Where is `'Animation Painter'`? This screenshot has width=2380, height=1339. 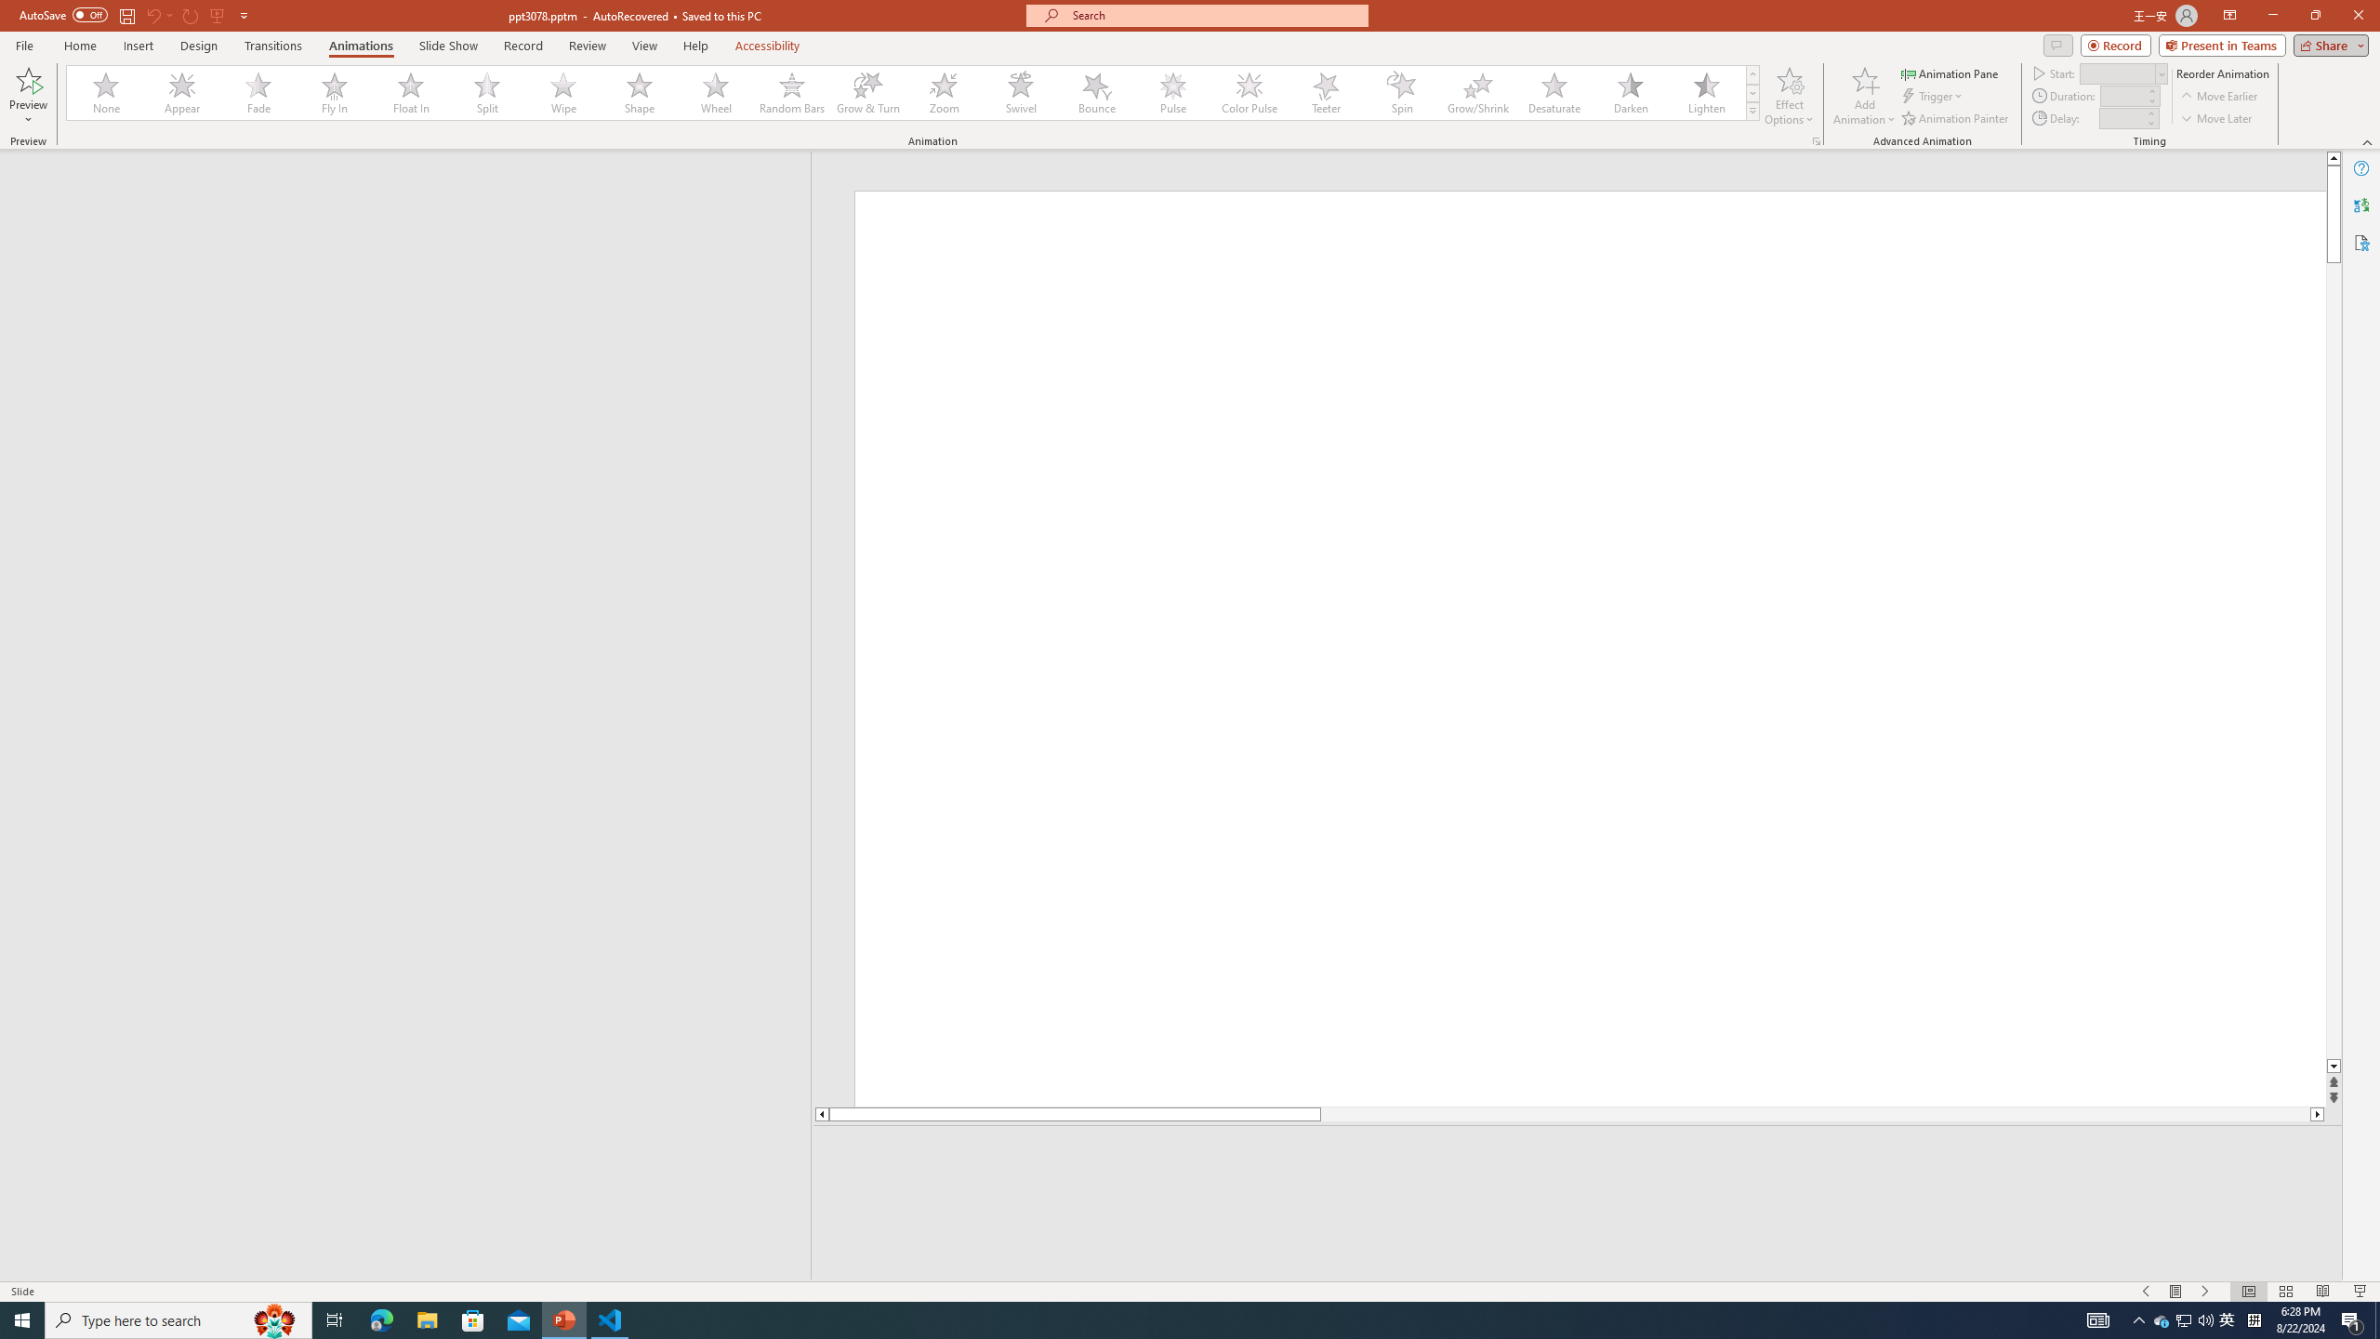 'Animation Painter' is located at coordinates (1955, 118).